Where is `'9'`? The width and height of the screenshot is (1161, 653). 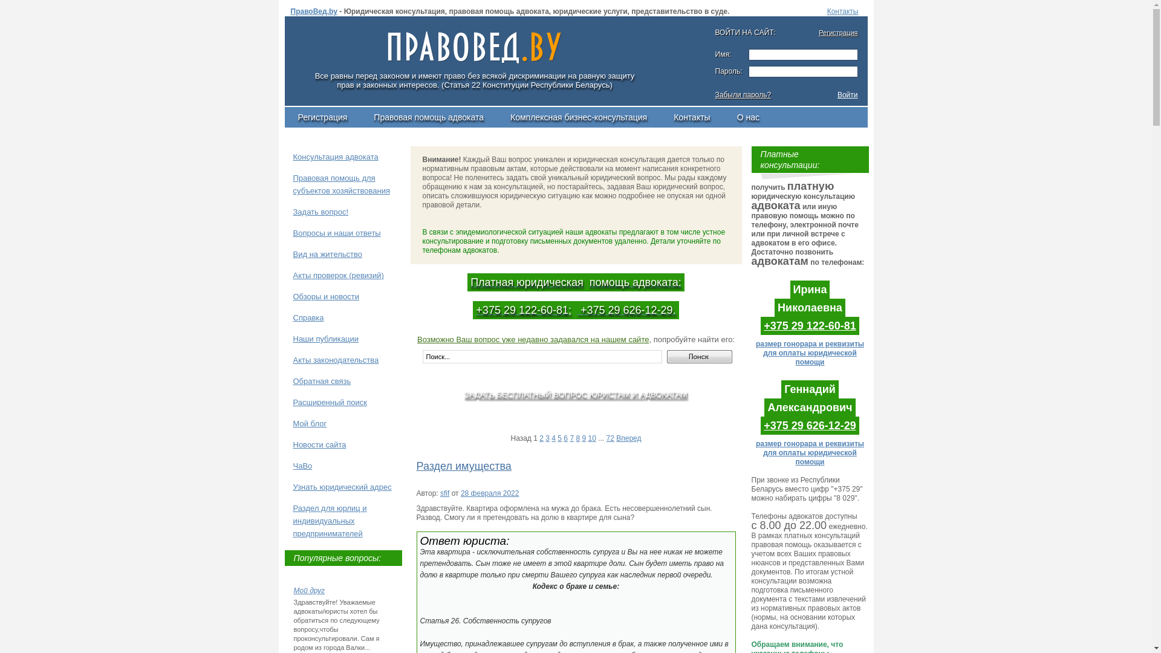
'9' is located at coordinates (584, 438).